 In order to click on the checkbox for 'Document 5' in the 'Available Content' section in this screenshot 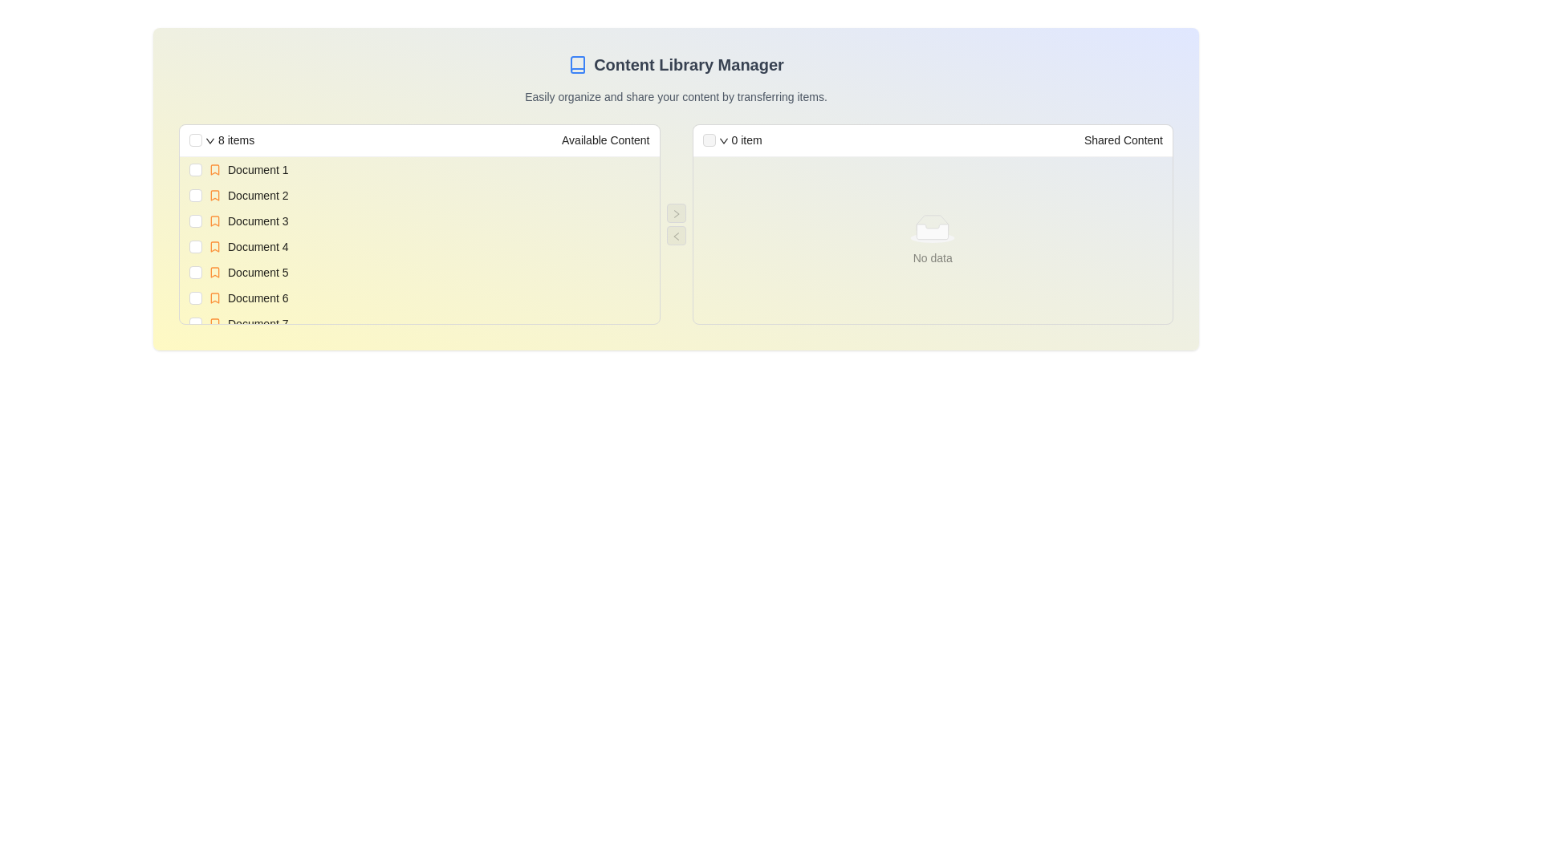, I will do `click(195, 271)`.